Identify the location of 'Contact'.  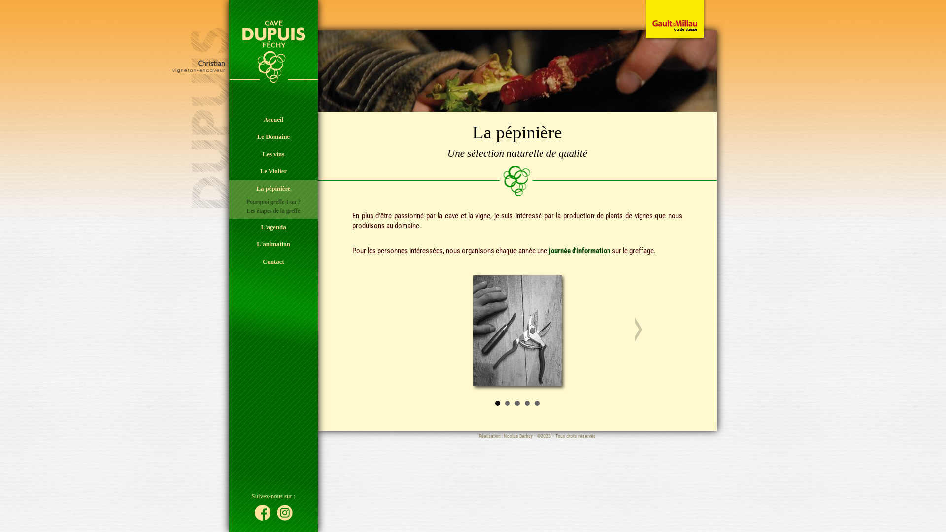
(273, 261).